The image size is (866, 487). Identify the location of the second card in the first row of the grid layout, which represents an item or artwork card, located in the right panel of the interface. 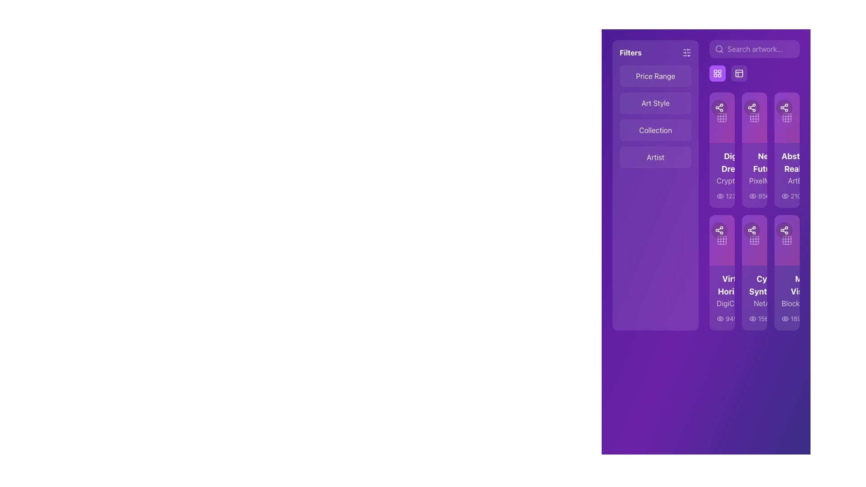
(755, 175).